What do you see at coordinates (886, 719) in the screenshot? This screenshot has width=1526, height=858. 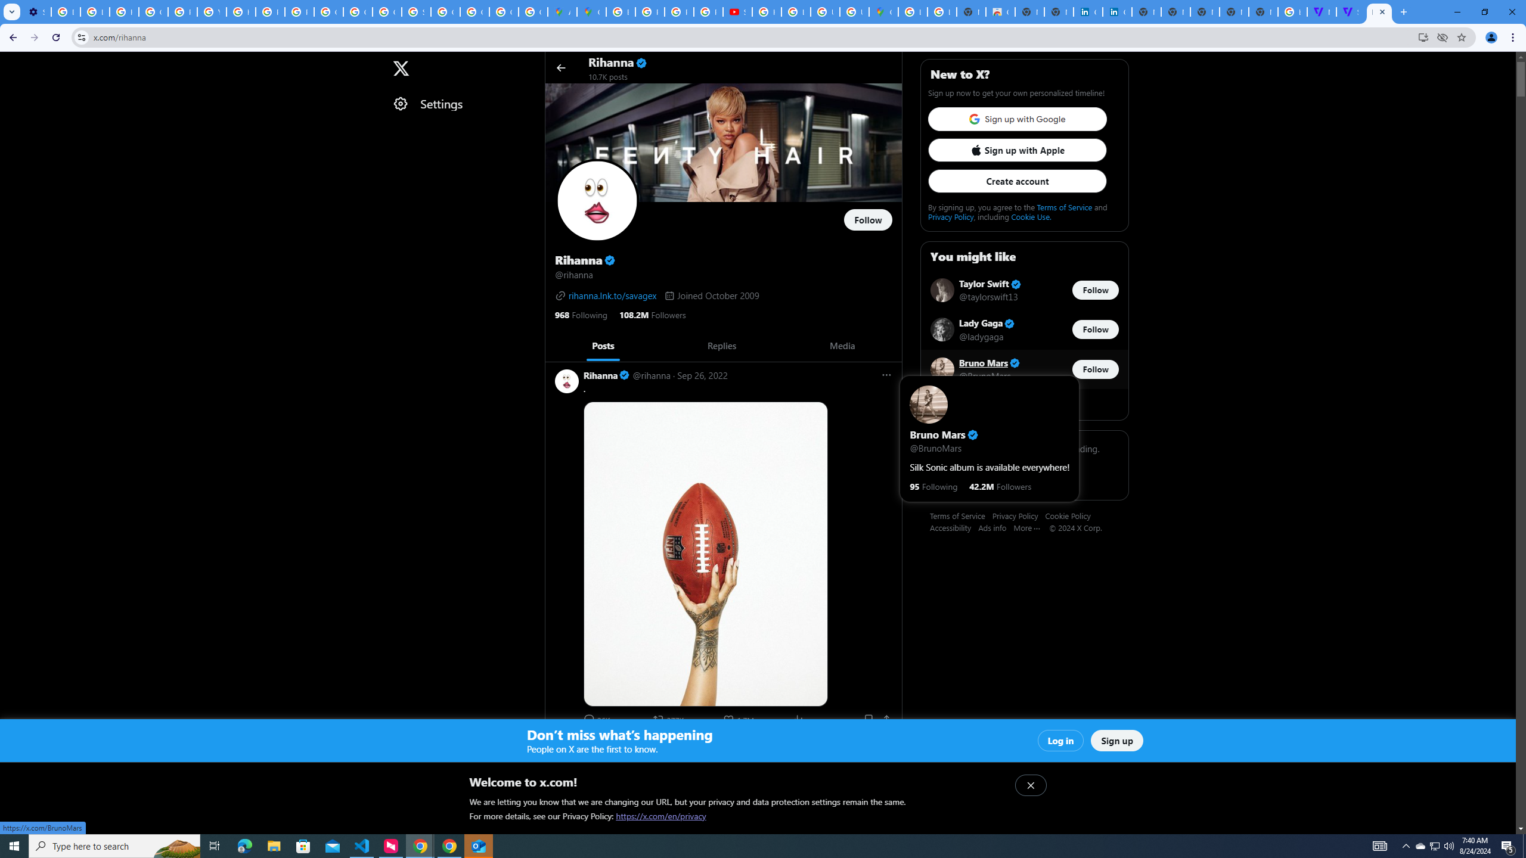 I see `'Share post'` at bounding box center [886, 719].